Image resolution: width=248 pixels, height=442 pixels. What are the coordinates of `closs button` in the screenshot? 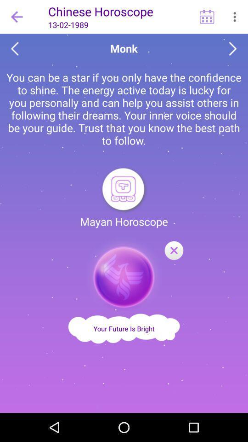 It's located at (174, 251).